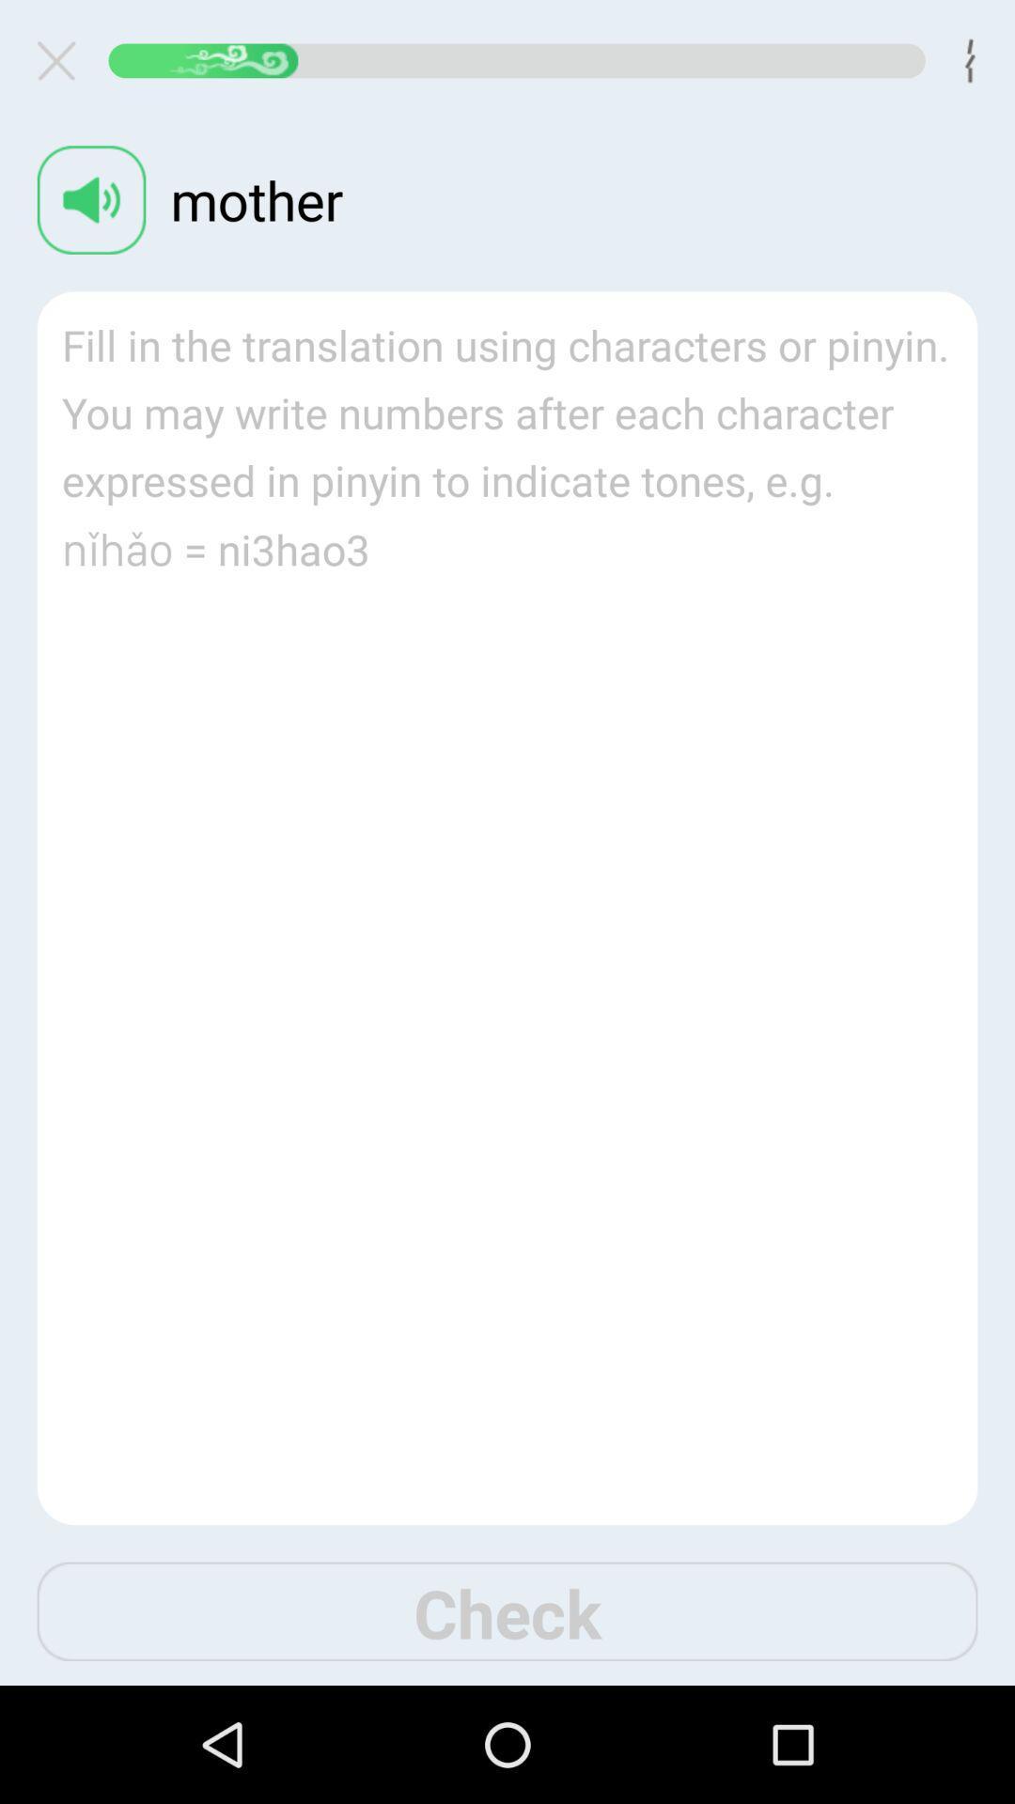 The image size is (1015, 1804). I want to click on the volume icon, so click(91, 213).